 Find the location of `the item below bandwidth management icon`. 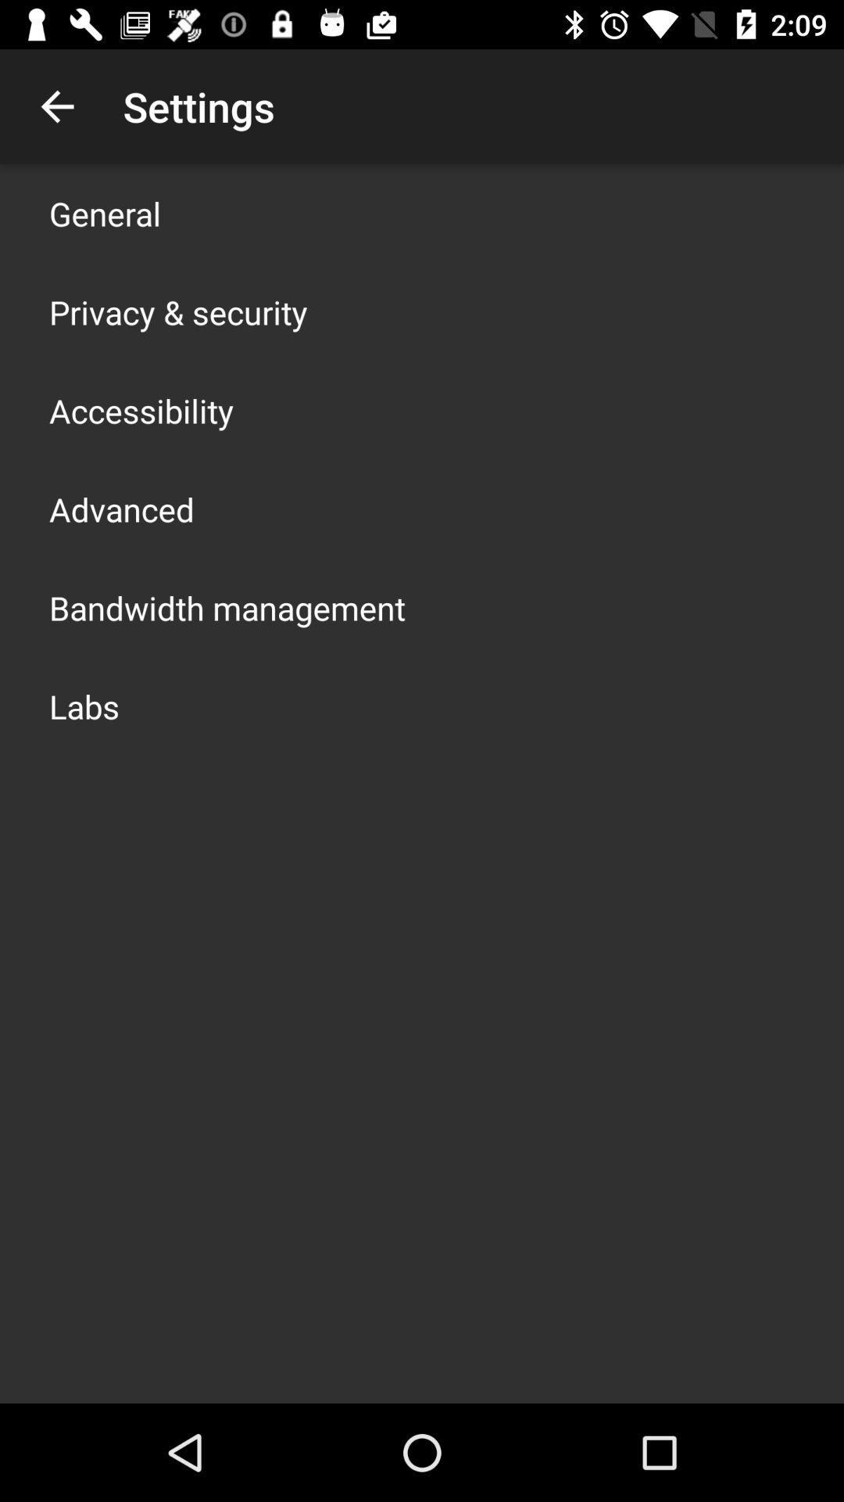

the item below bandwidth management icon is located at coordinates (84, 705).